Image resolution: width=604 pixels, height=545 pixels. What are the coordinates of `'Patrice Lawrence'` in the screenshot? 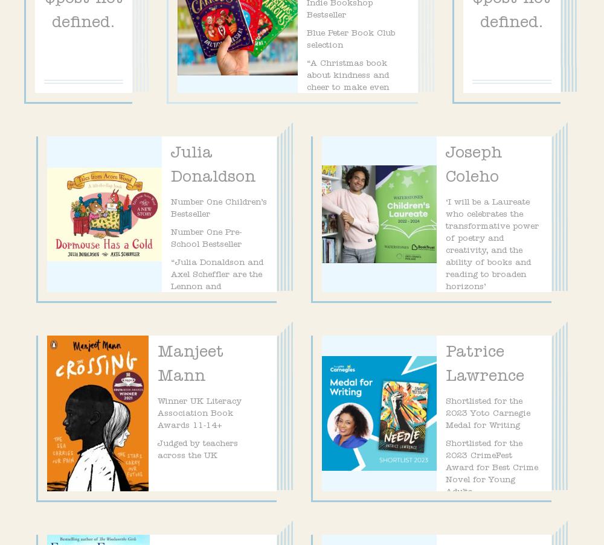 It's located at (485, 366).